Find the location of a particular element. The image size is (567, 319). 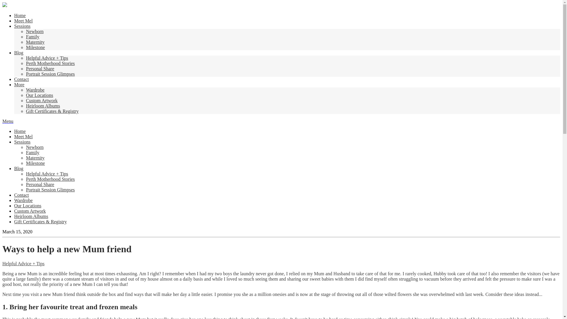

'Menu' is located at coordinates (8, 121).